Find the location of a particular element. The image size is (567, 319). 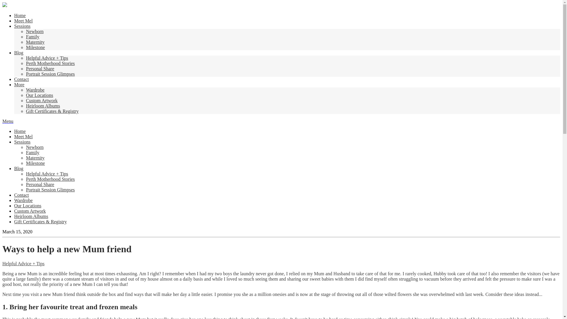

'Menu' is located at coordinates (8, 121).